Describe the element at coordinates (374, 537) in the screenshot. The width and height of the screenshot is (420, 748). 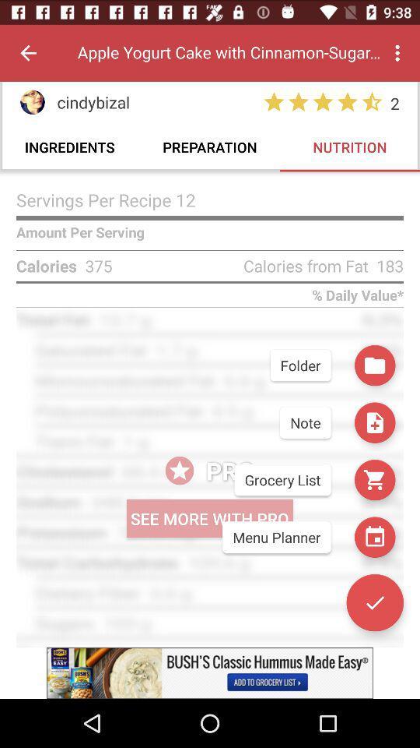
I see `the date_range icon` at that location.